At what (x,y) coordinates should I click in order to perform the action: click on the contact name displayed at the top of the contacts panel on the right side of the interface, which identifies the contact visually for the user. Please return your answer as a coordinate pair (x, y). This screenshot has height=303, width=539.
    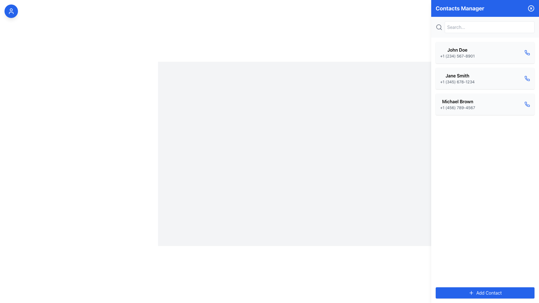
    Looking at the image, I should click on (457, 49).